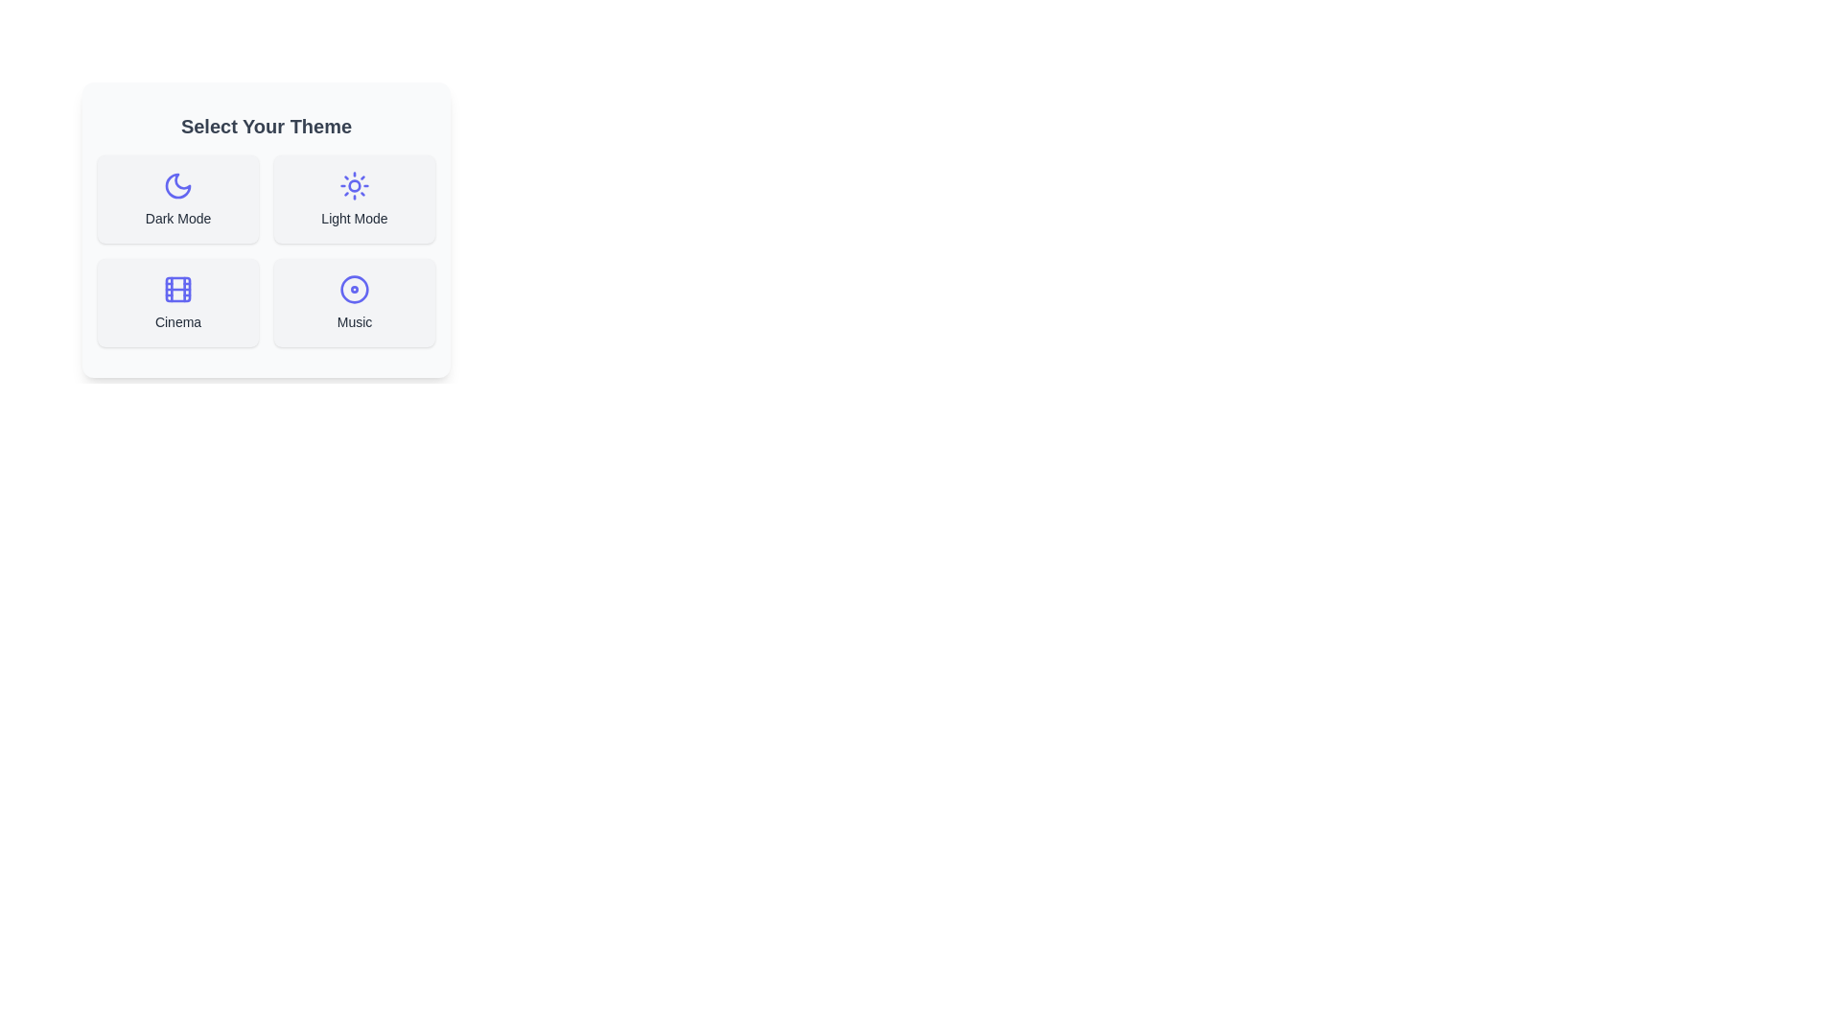 Image resolution: width=1841 pixels, height=1036 pixels. What do you see at coordinates (178, 200) in the screenshot?
I see `the toggle button for dark mode located in the top-left corner of the 'Select Your Theme' section to change its appearance` at bounding box center [178, 200].